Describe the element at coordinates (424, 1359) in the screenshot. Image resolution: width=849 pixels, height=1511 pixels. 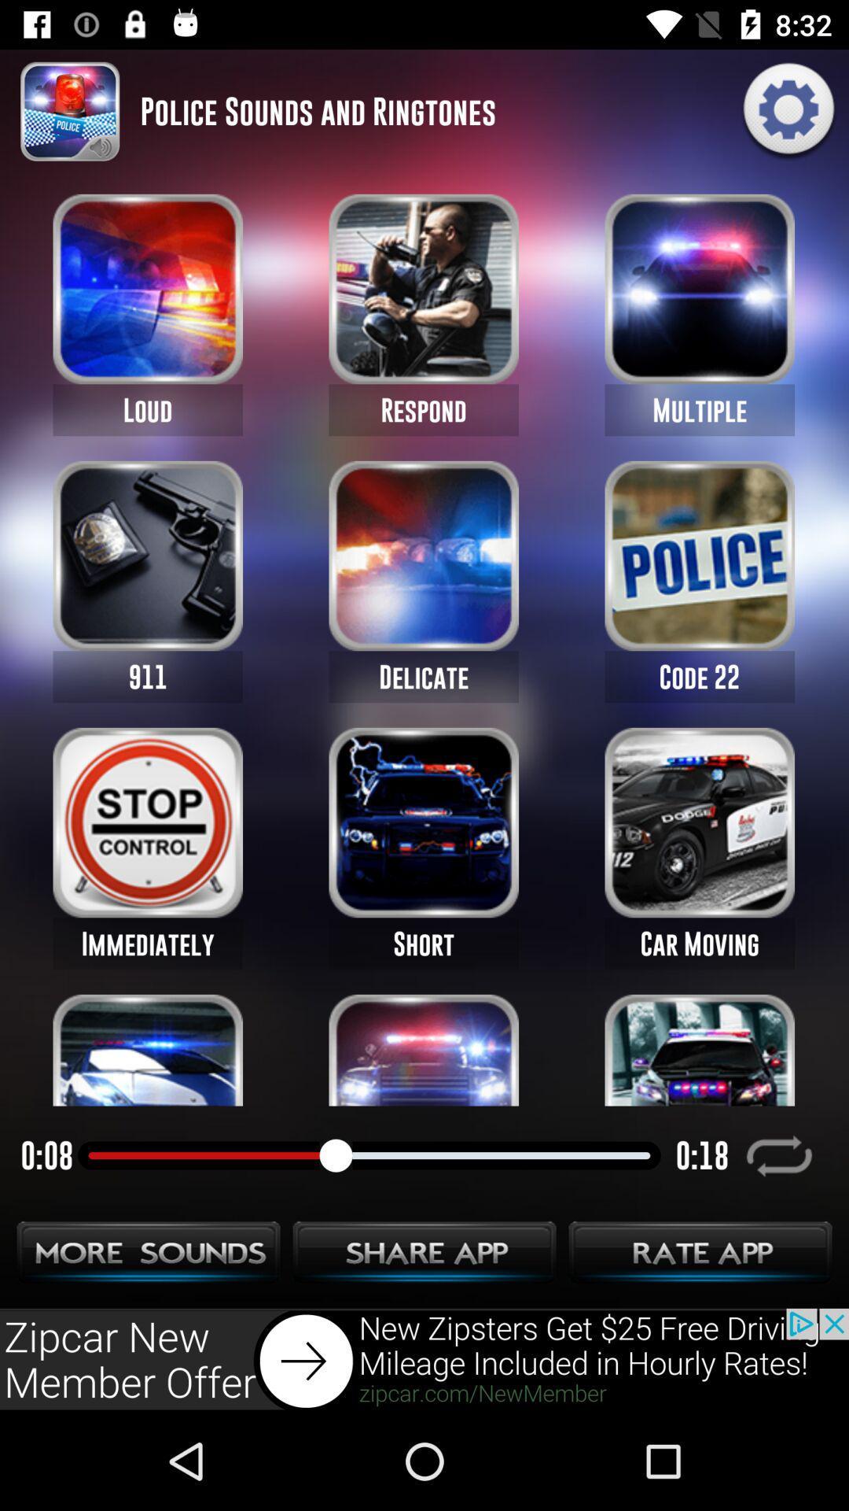
I see `advertisement` at that location.